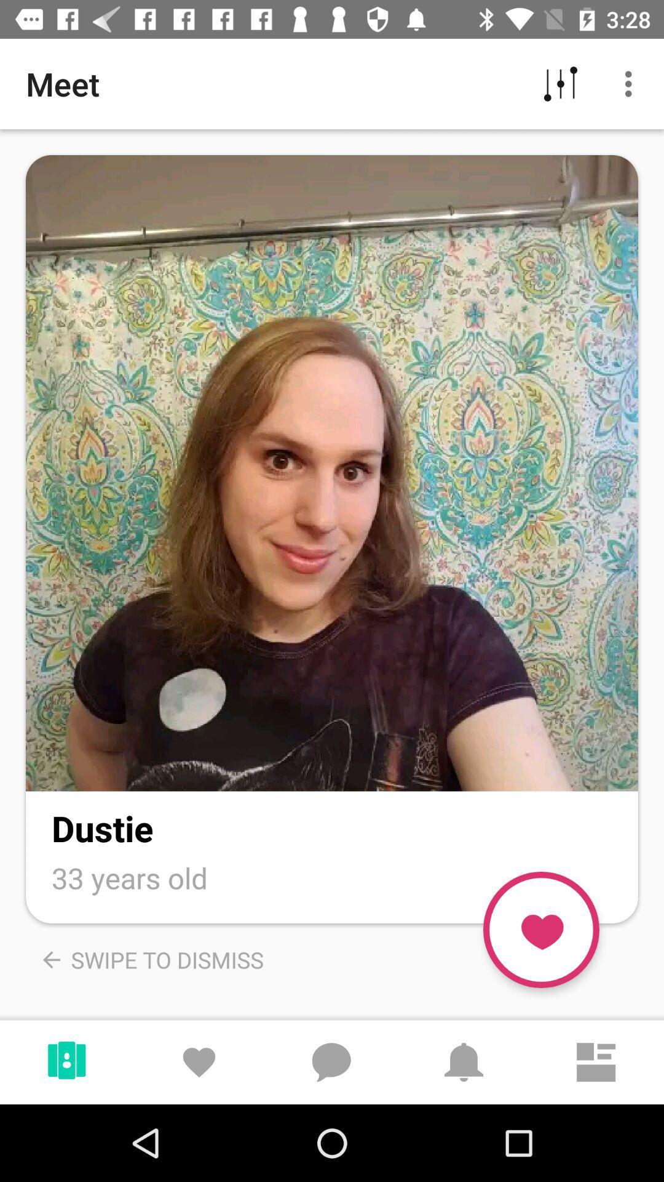 Image resolution: width=664 pixels, height=1182 pixels. What do you see at coordinates (560, 83) in the screenshot?
I see `the item next to meet item` at bounding box center [560, 83].